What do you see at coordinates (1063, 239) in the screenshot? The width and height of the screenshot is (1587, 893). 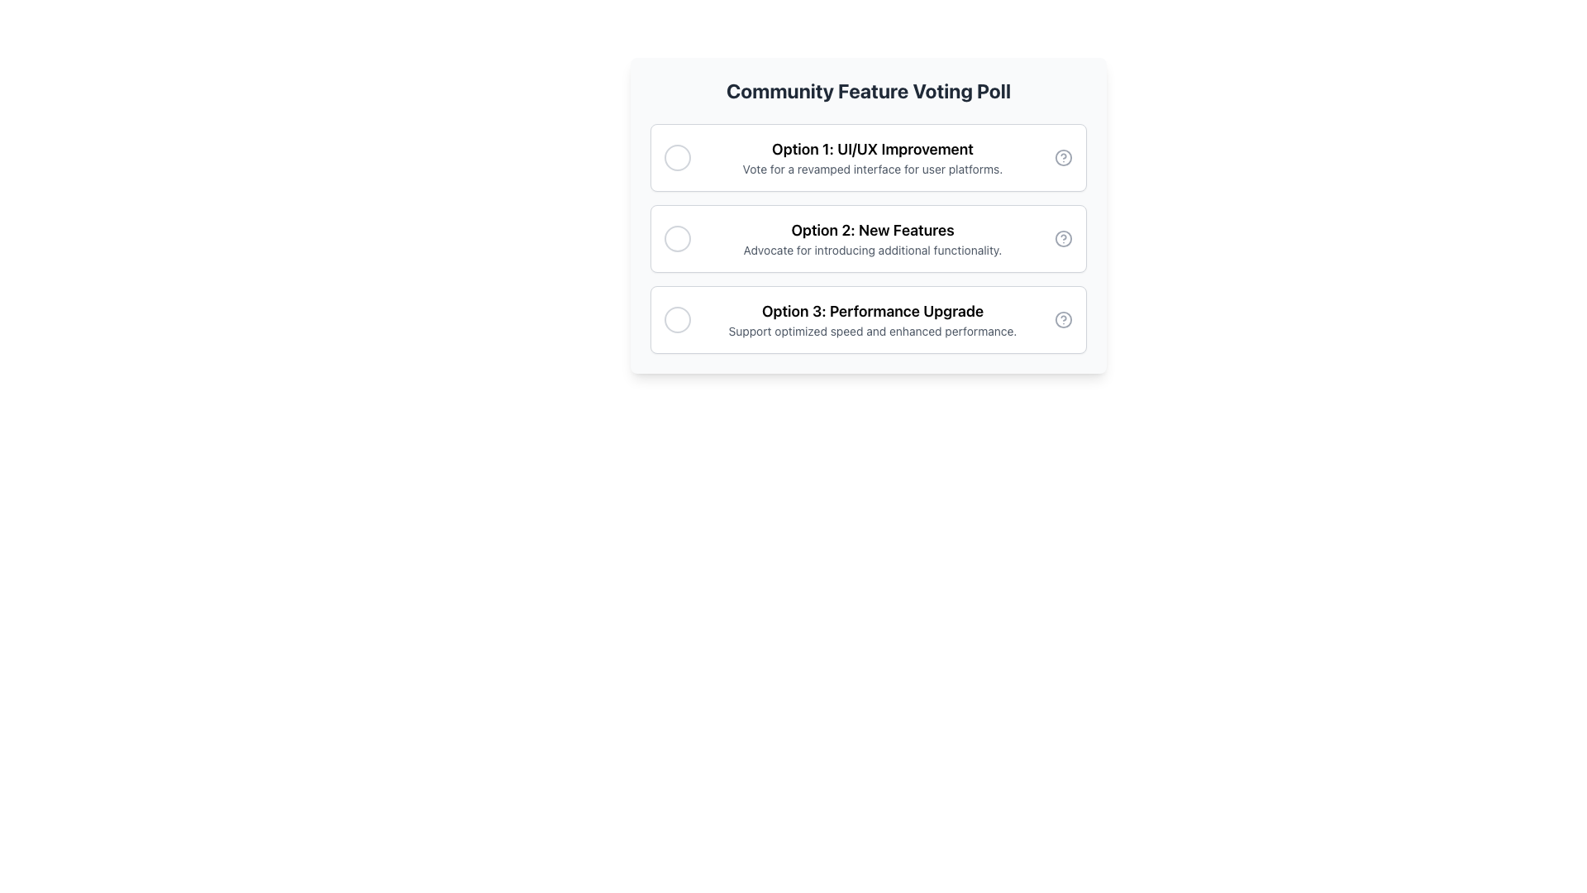 I see `the circular help icon with a question mark located in the upper-right corner of the 'Option 2: New Features' block` at bounding box center [1063, 239].